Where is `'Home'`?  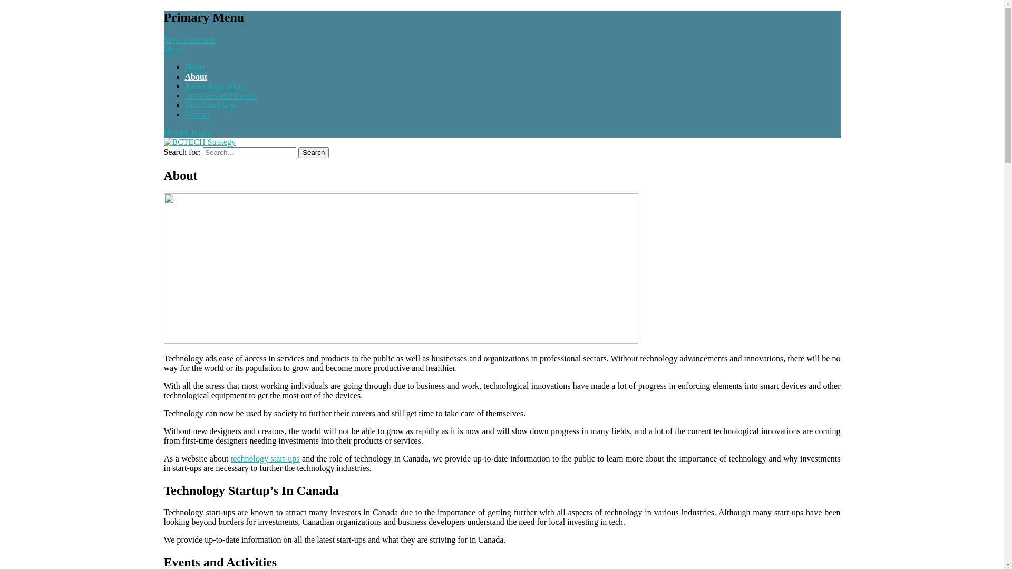
'Home' is located at coordinates (194, 67).